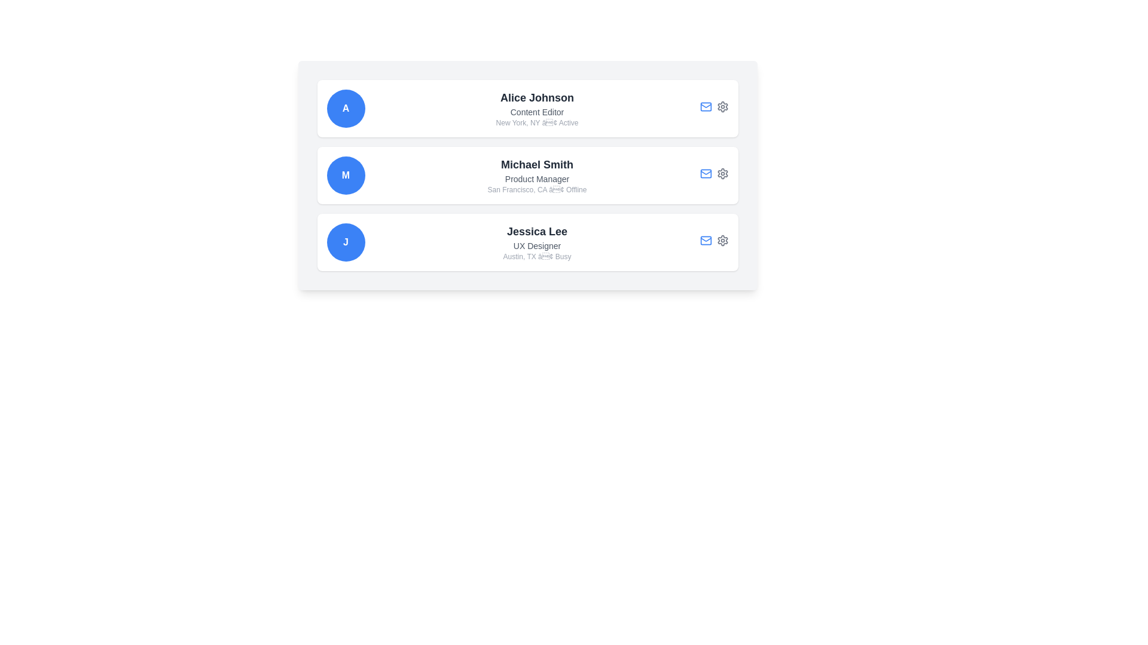  What do you see at coordinates (536, 175) in the screenshot?
I see `the information display panel that summarizes personal and professional information, located as the second card in a vertical list` at bounding box center [536, 175].